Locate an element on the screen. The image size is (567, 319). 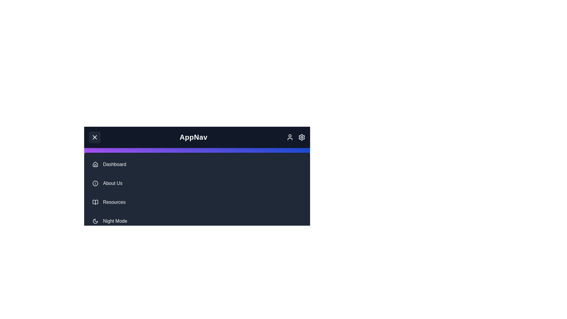
the navigation item Night Mode to navigate to the corresponding section is located at coordinates (197, 221).